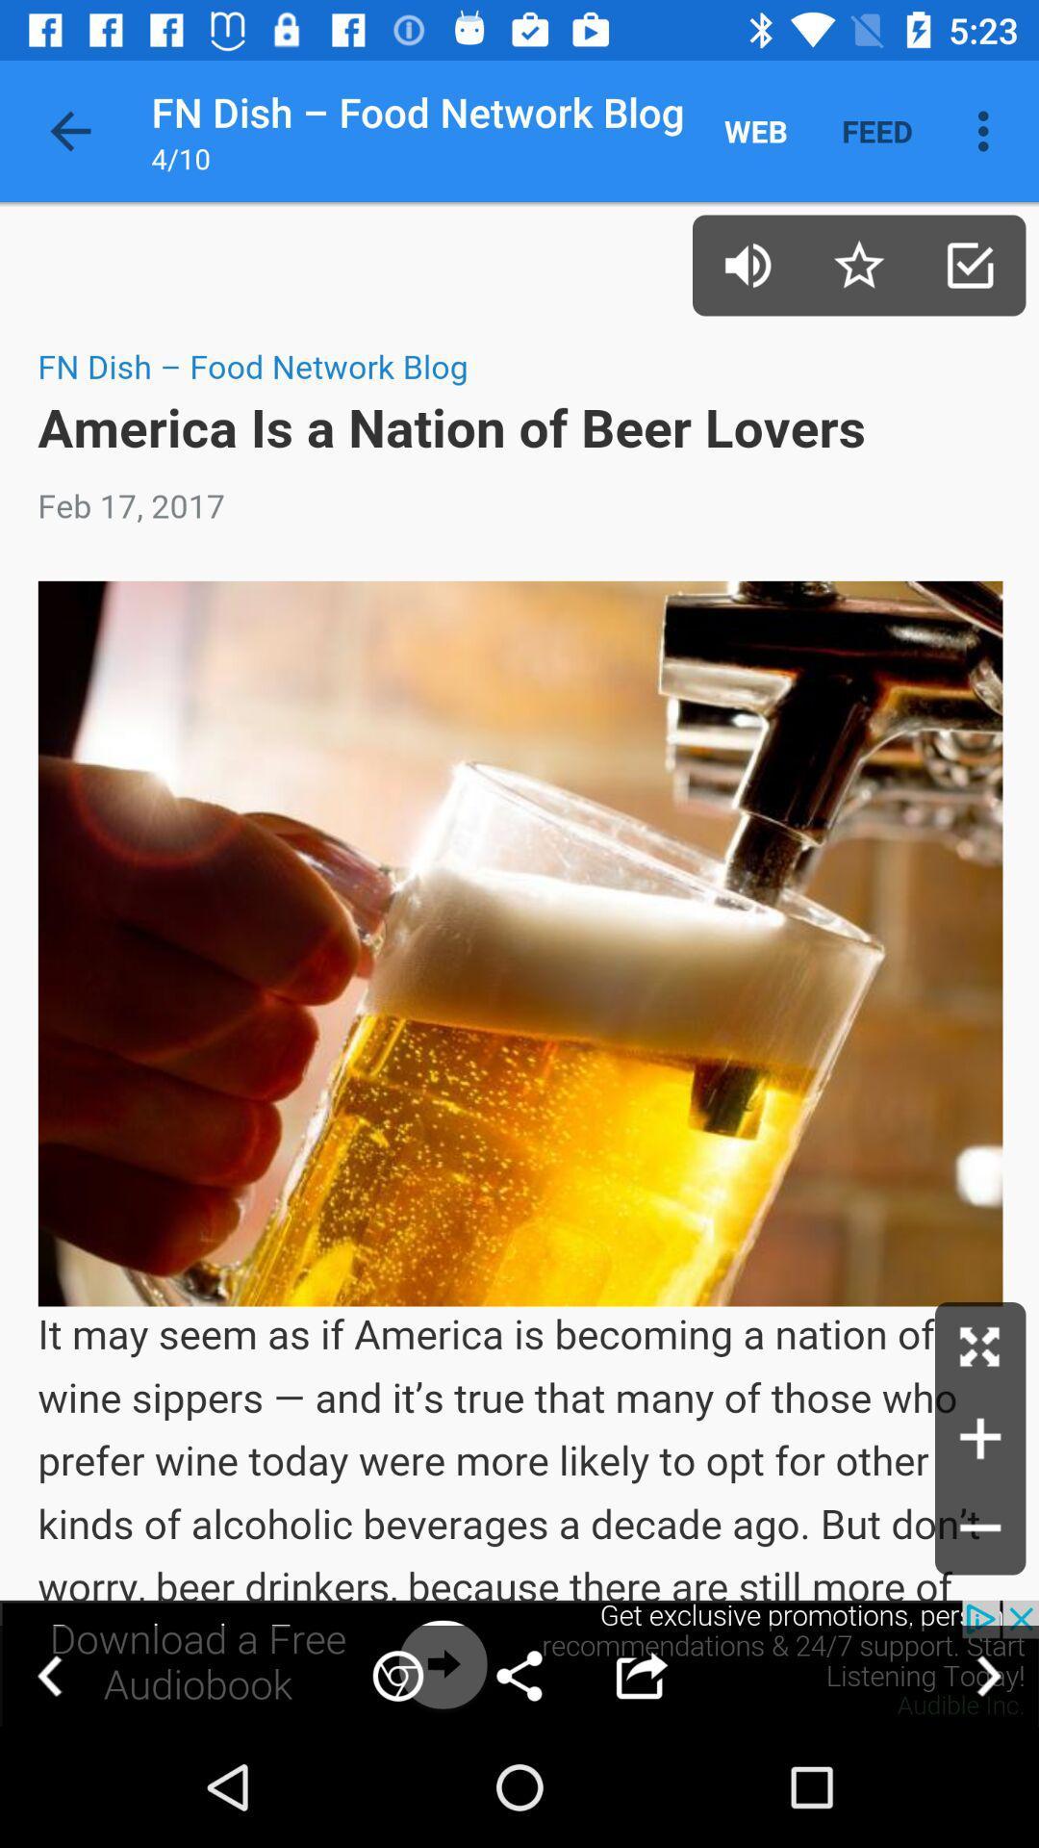 Image resolution: width=1039 pixels, height=1848 pixels. Describe the element at coordinates (747, 264) in the screenshot. I see `sound on/off` at that location.